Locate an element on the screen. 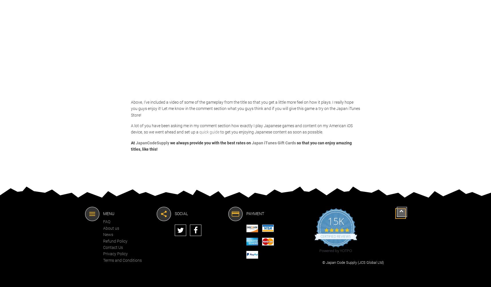  'we always provide you with the best rates on' is located at coordinates (210, 142).